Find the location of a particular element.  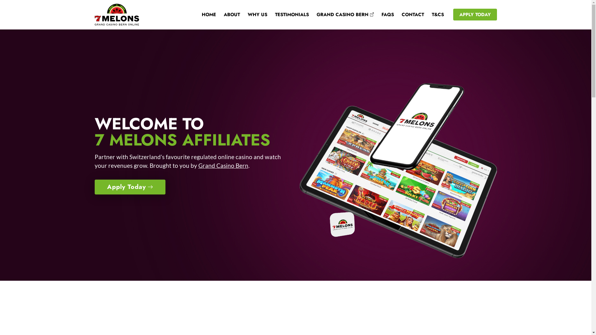

'FAQS' is located at coordinates (383, 14).